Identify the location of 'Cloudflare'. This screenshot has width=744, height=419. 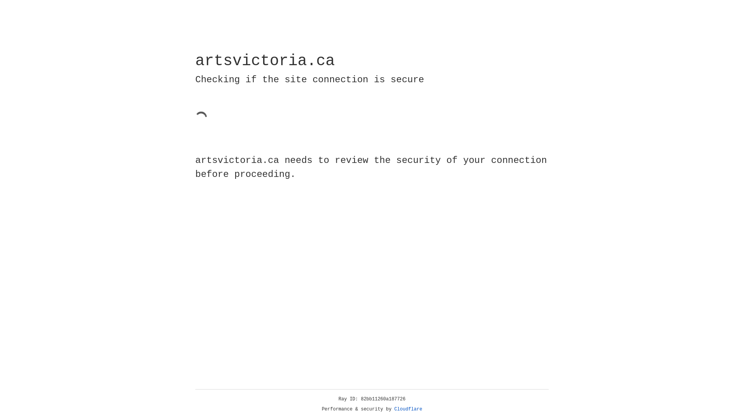
(408, 409).